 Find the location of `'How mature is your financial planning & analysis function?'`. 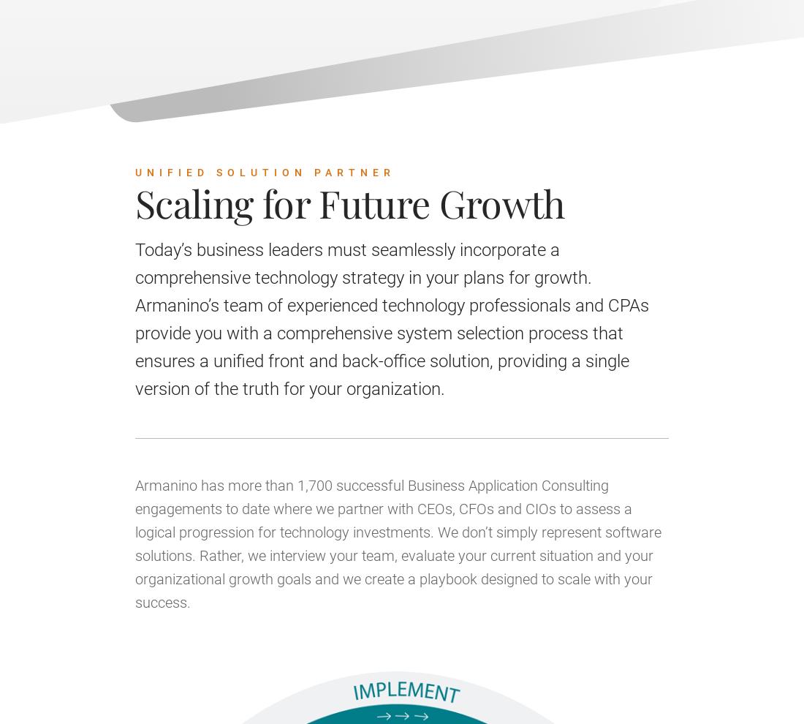

'How mature is your financial planning & analysis function?' is located at coordinates (610, 149).